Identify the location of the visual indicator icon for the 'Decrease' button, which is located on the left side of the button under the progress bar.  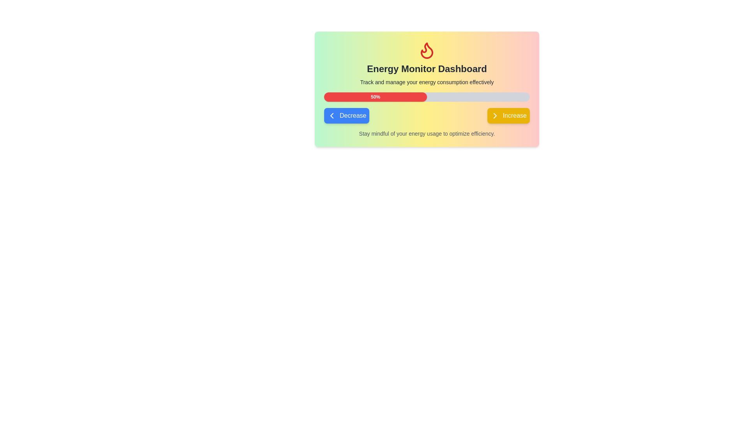
(332, 116).